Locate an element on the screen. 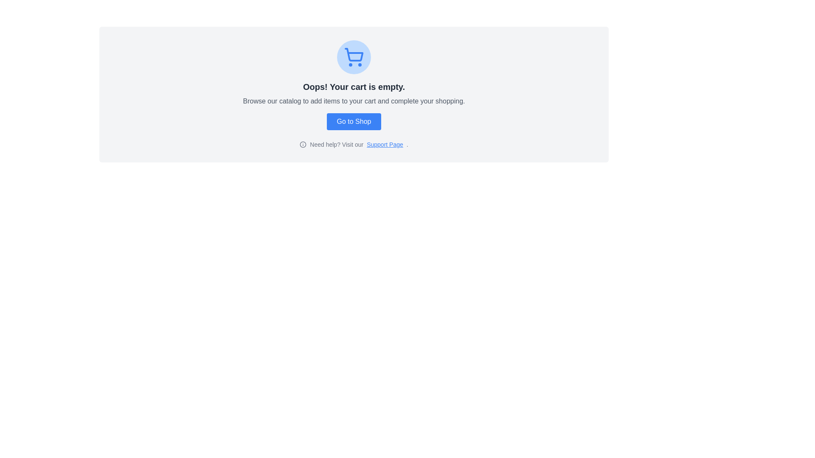 This screenshot has width=815, height=458. the circular shopping cart icon with a soft blue background, located above the text 'Oops! Your cart is empty.' is located at coordinates (354, 57).